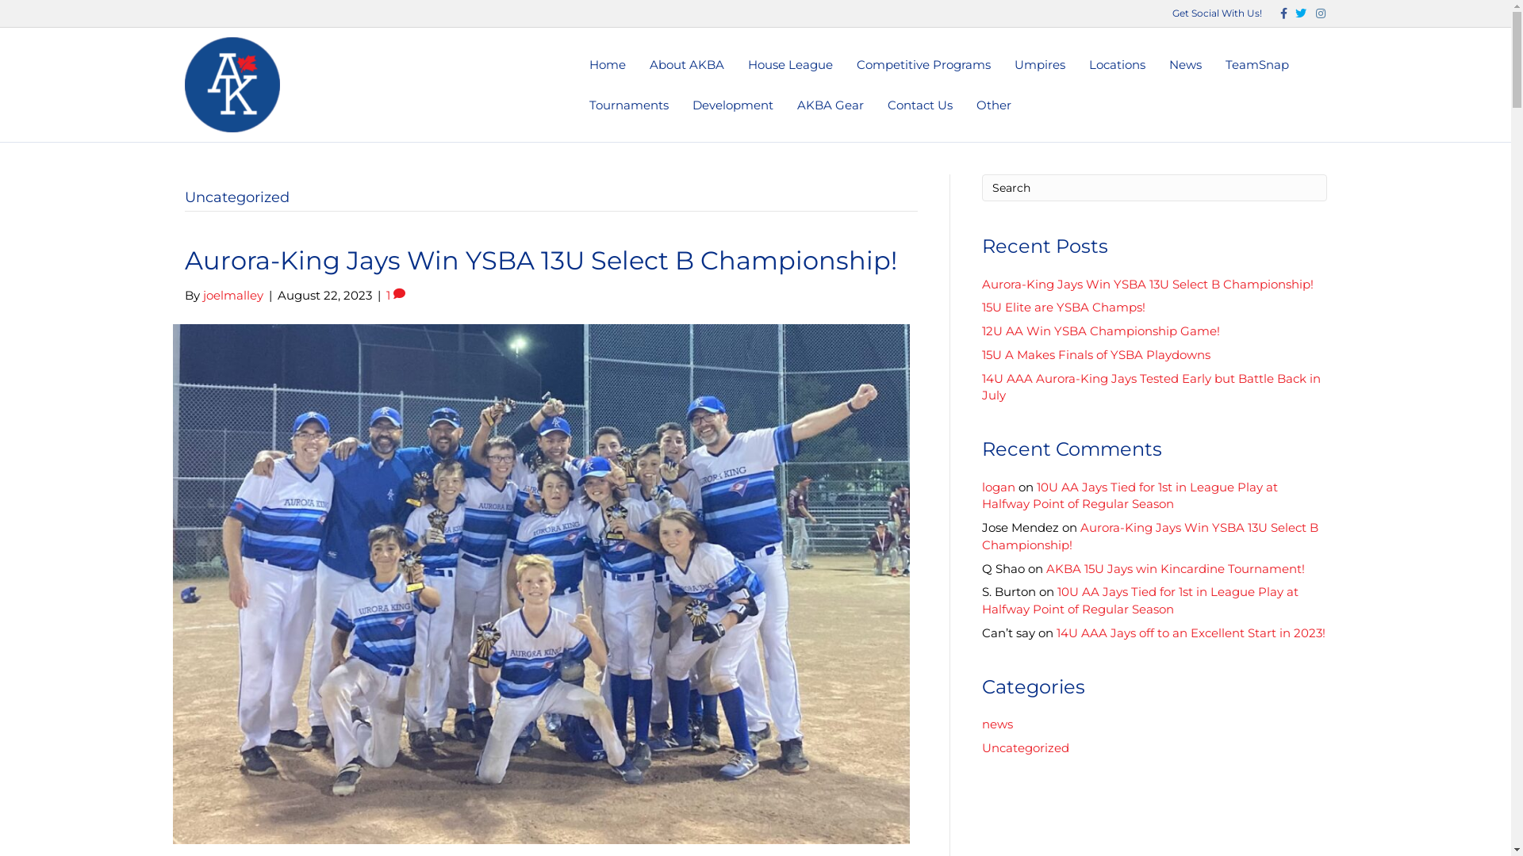  What do you see at coordinates (829, 105) in the screenshot?
I see `'AKBA Gear'` at bounding box center [829, 105].